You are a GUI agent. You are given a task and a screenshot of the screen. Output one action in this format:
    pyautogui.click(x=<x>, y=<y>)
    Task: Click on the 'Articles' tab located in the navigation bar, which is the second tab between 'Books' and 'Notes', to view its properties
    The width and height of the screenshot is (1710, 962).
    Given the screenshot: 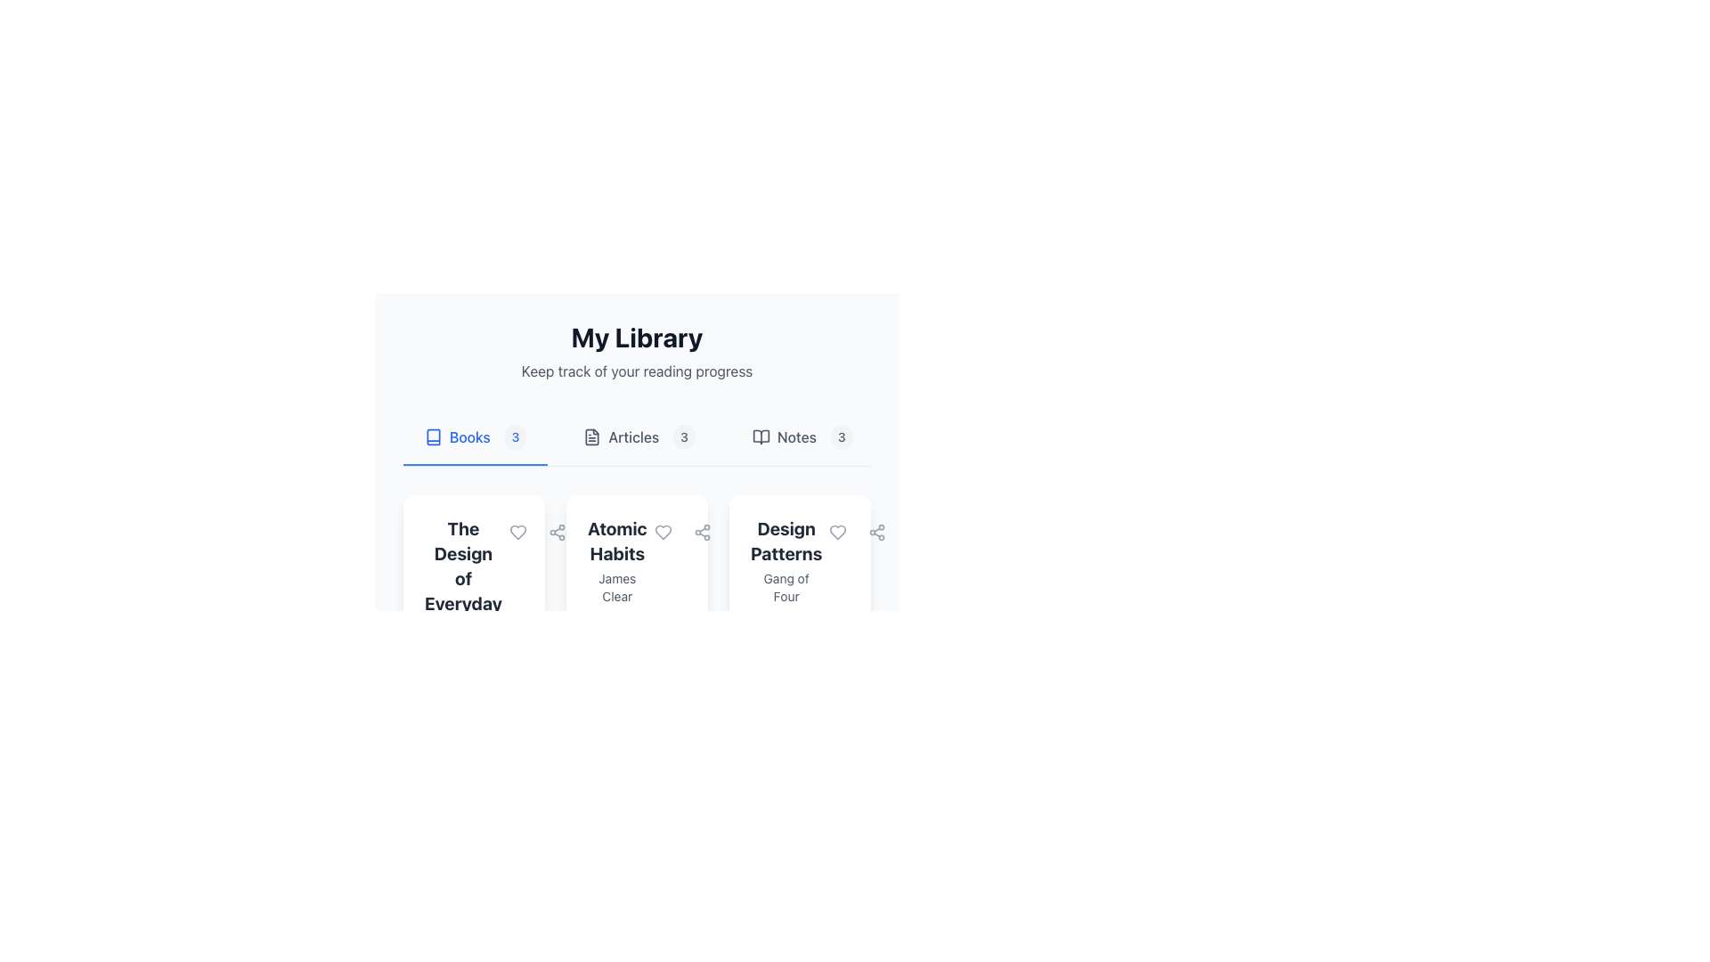 What is the action you would take?
    pyautogui.click(x=637, y=438)
    